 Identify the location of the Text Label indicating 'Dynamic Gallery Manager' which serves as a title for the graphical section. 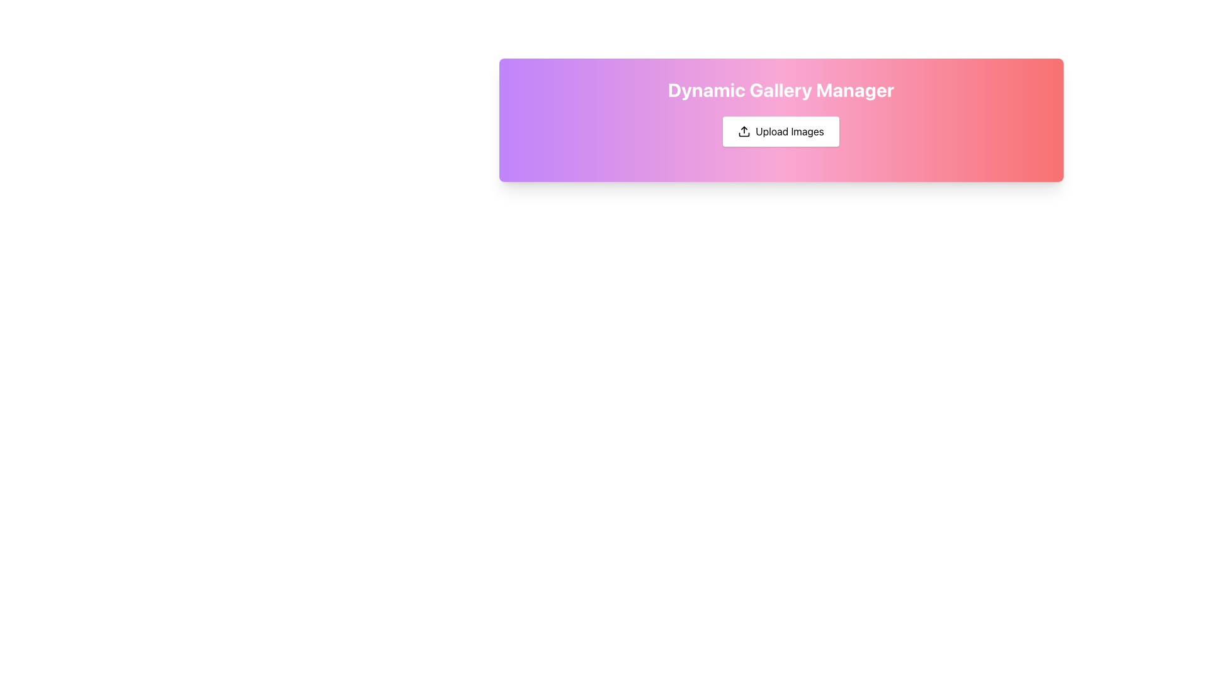
(780, 89).